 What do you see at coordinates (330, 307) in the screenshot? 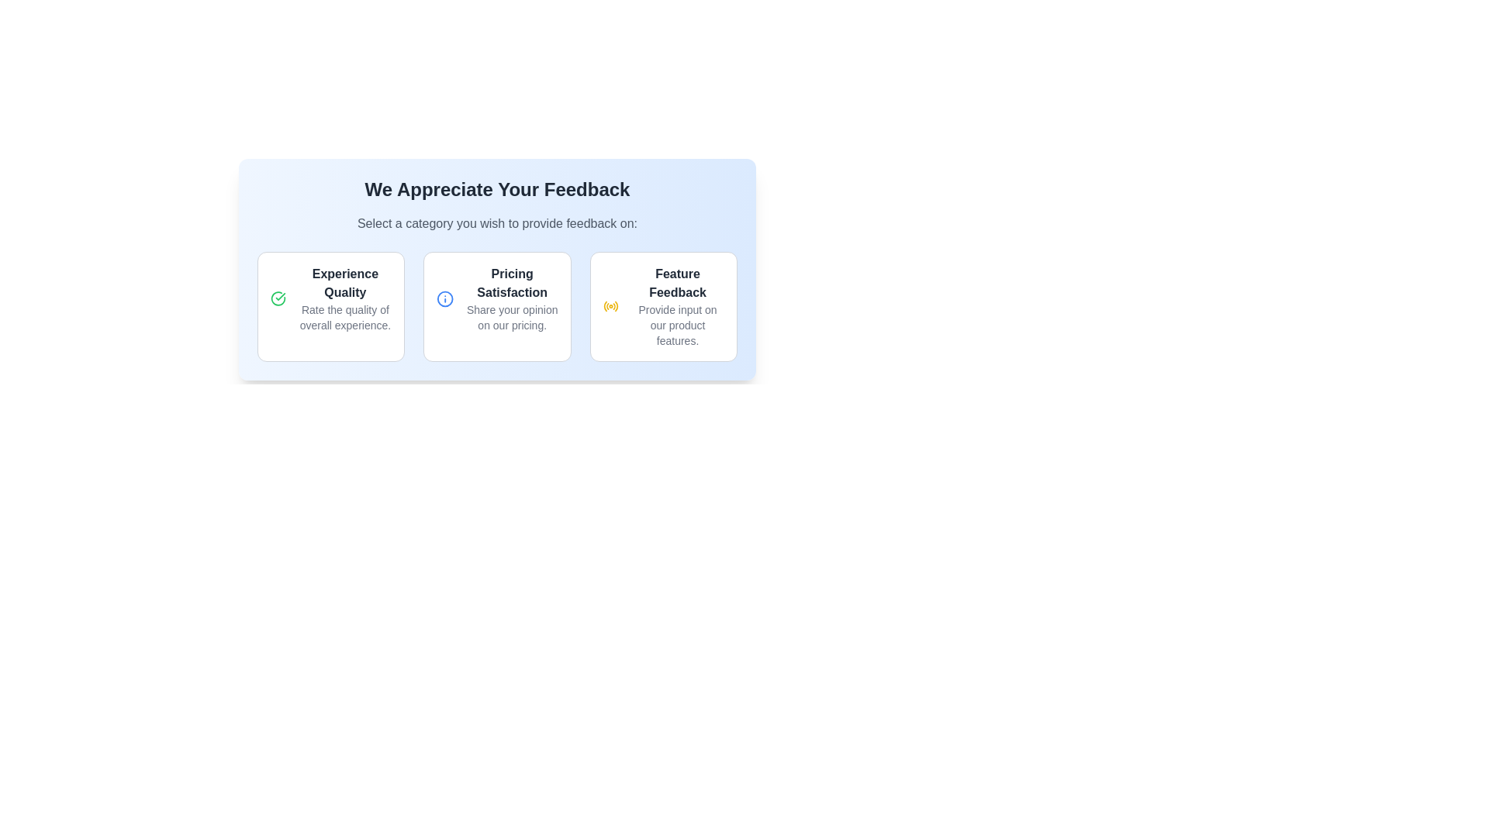
I see `the first Button-like card that prompts the user for feedback on their experience` at bounding box center [330, 307].